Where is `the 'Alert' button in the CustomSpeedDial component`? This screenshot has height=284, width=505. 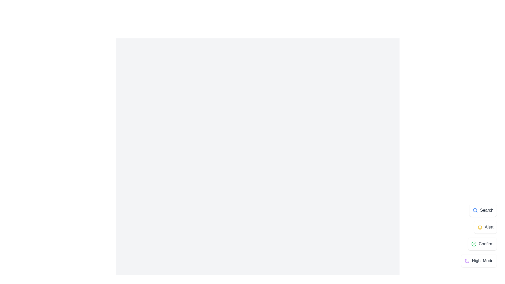 the 'Alert' button in the CustomSpeedDial component is located at coordinates (485, 227).